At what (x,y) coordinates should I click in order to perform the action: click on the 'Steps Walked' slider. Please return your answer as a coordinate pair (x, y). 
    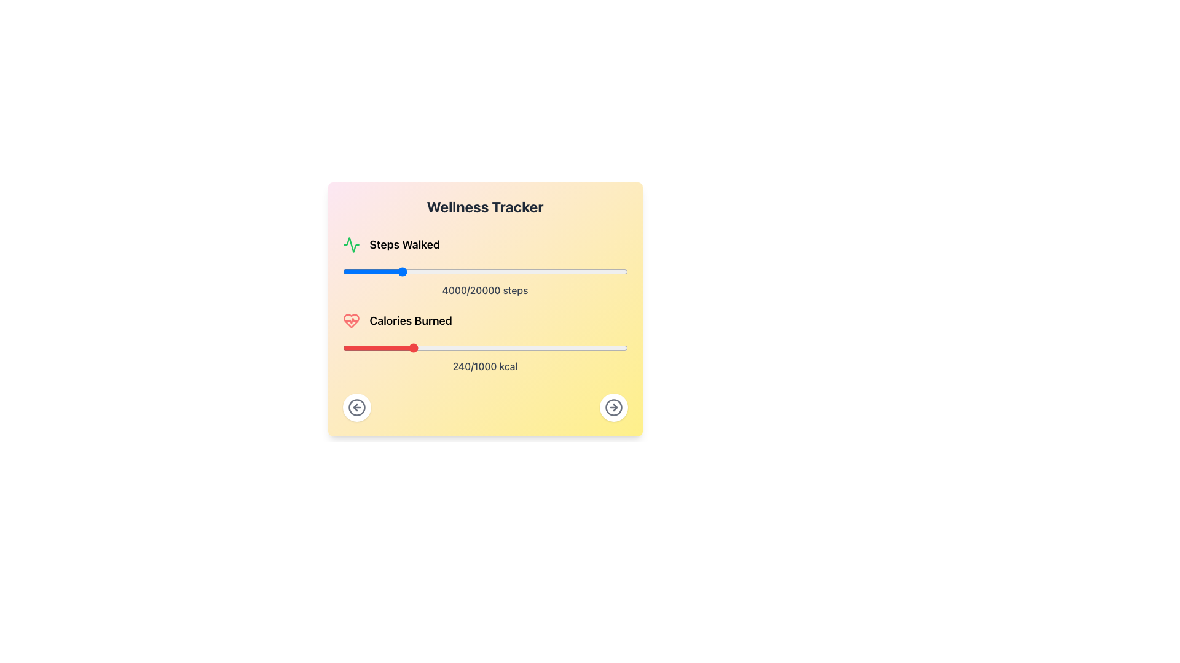
    Looking at the image, I should click on (614, 271).